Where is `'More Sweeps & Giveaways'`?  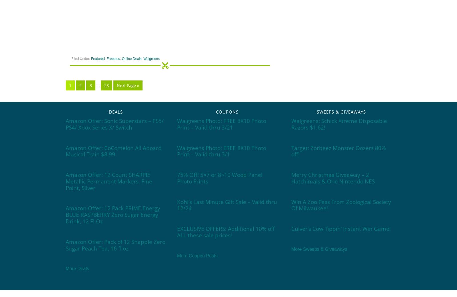
'More Sweeps & Giveaways' is located at coordinates (319, 249).